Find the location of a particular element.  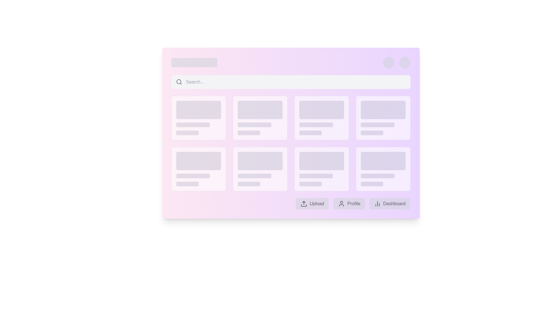

the first button from the left in the horizontal row of buttons is located at coordinates (312, 203).